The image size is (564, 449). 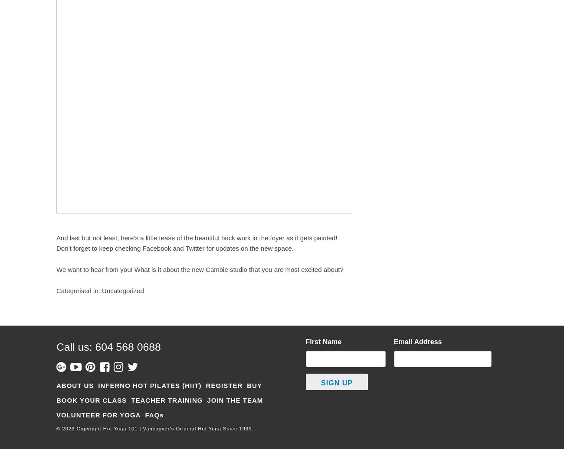 I want to click on 'Facebook', so click(x=141, y=248).